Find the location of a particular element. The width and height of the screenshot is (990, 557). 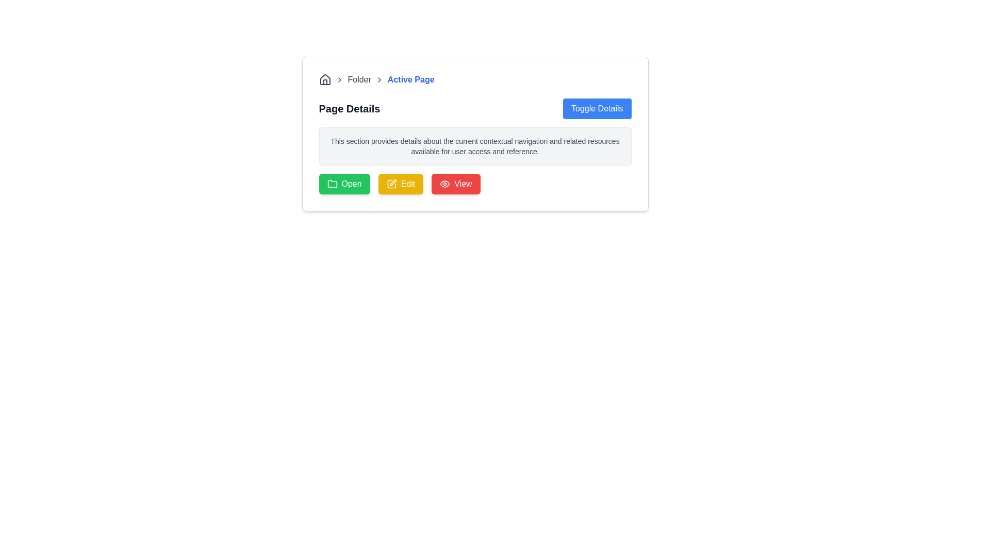

the 'Edit' button, which is the second button in a group of three buttons, to initiate the editing action for the current context or item is located at coordinates (400, 184).